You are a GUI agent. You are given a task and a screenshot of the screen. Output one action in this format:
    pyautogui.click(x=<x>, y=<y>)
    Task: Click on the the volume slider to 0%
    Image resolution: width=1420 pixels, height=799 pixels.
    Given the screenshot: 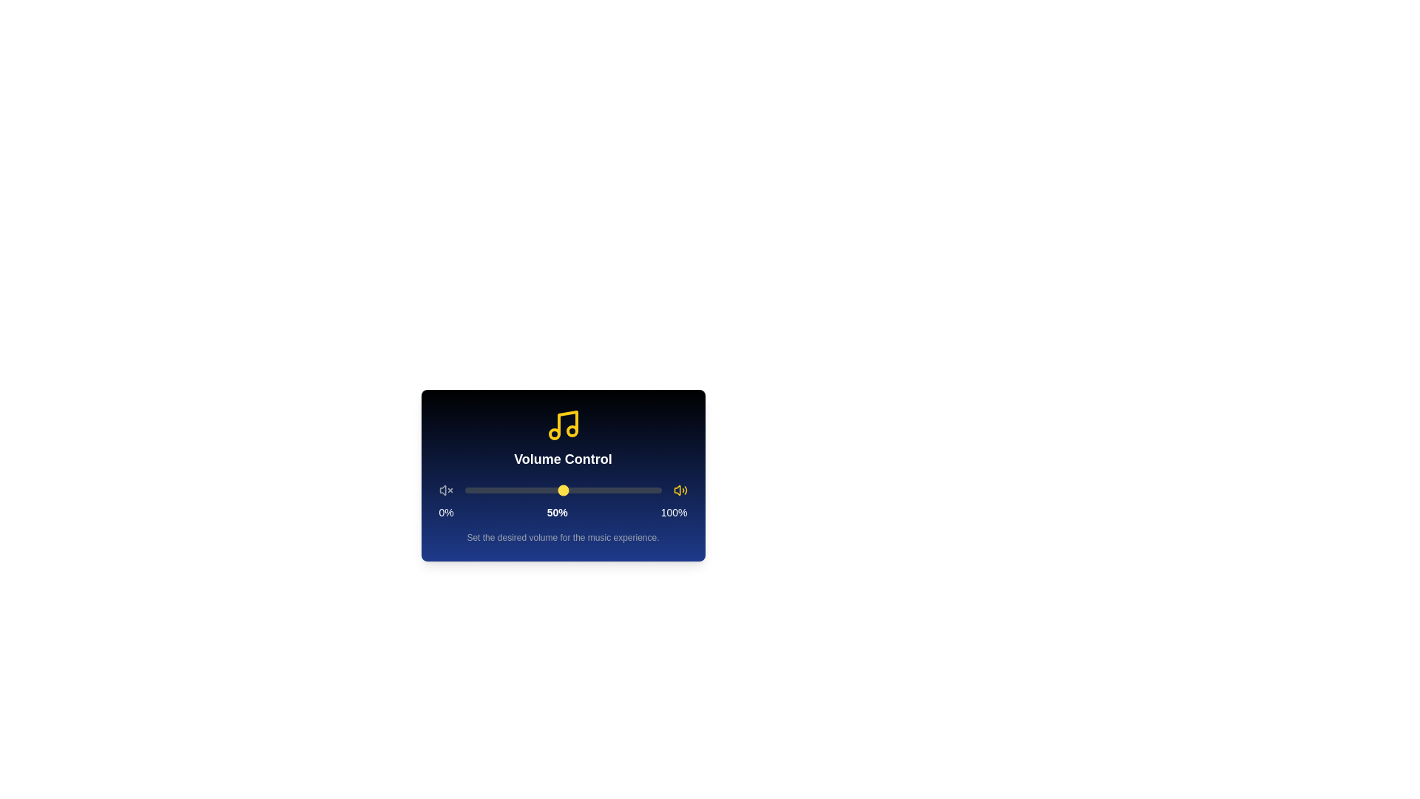 What is the action you would take?
    pyautogui.click(x=464, y=490)
    